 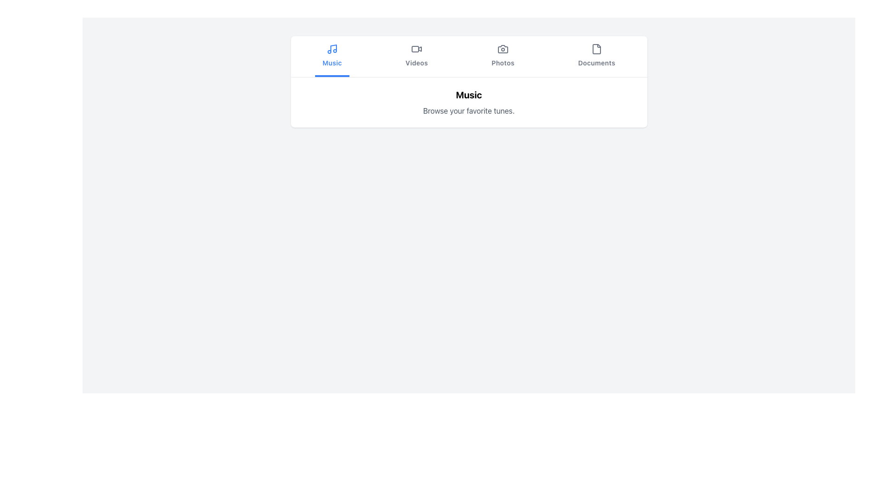 I want to click on the camera icon located in the center of the 'Photos' tab on the navigation bar, so click(x=503, y=49).